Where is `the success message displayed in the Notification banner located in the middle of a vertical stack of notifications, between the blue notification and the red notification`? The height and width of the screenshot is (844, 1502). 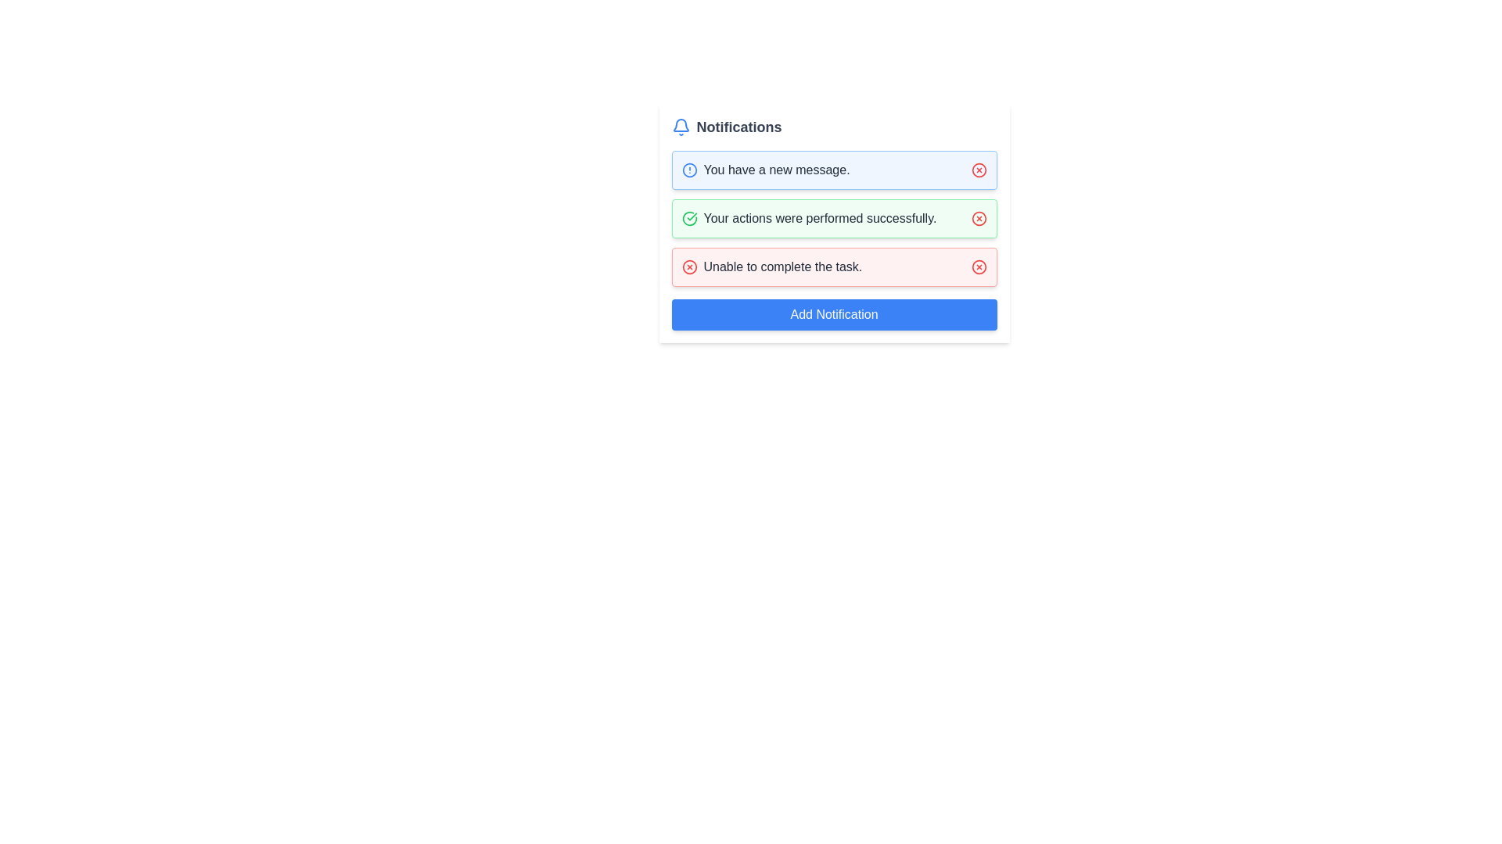
the success message displayed in the Notification banner located in the middle of a vertical stack of notifications, between the blue notification and the red notification is located at coordinates (833, 219).